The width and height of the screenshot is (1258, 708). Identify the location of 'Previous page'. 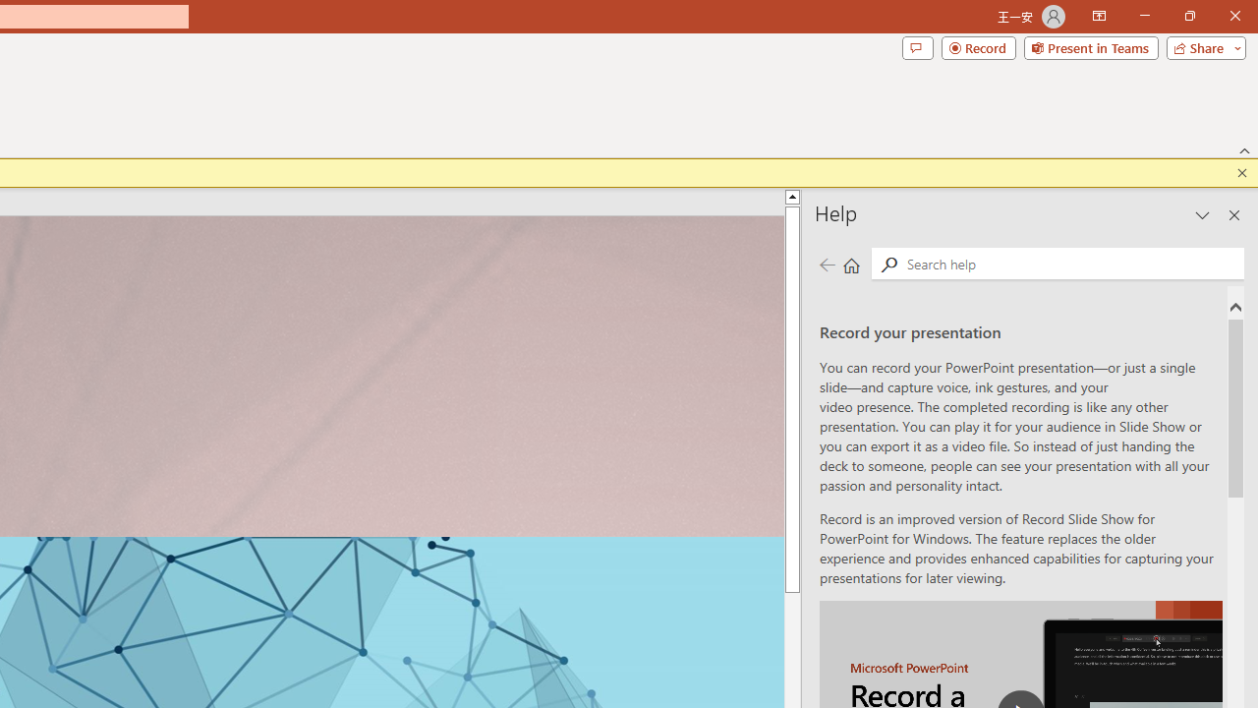
(827, 264).